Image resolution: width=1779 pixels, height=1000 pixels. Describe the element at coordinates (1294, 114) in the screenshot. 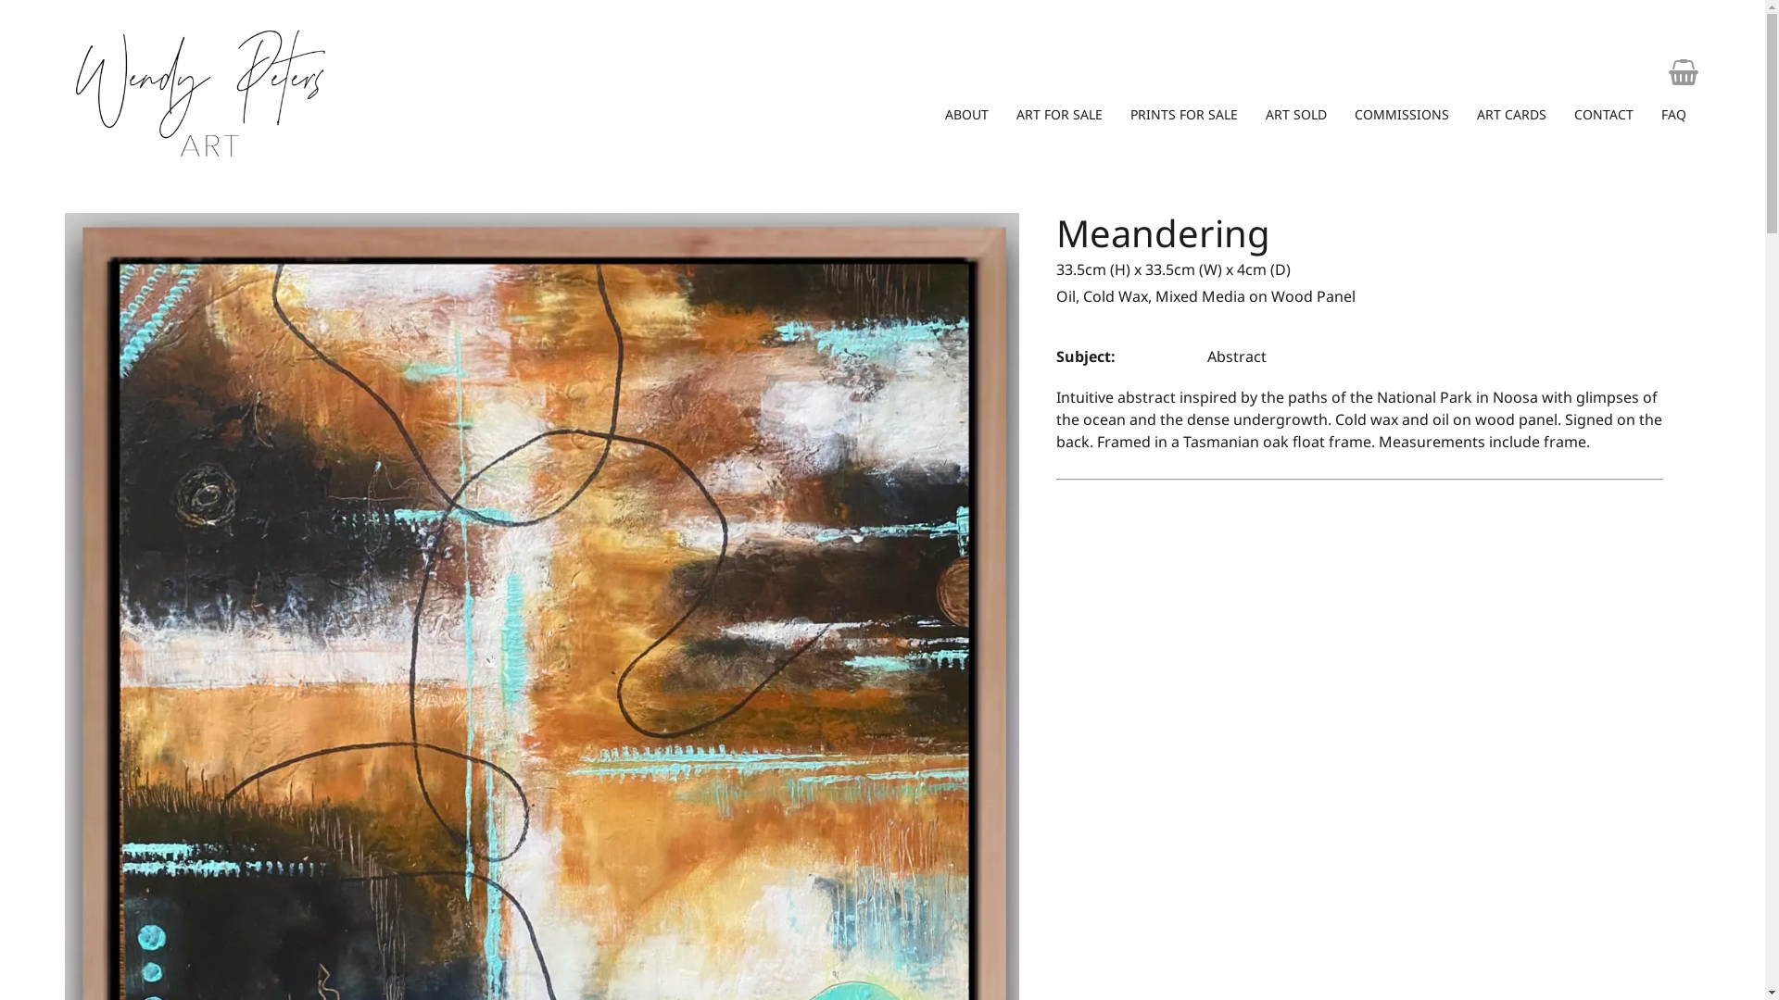

I see `'ART SOLD'` at that location.